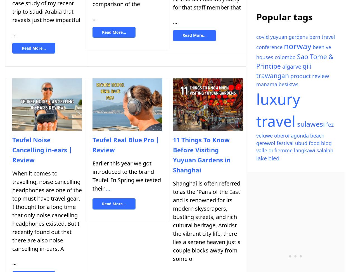 The height and width of the screenshot is (272, 356). What do you see at coordinates (304, 150) in the screenshot?
I see `'langkawi'` at bounding box center [304, 150].